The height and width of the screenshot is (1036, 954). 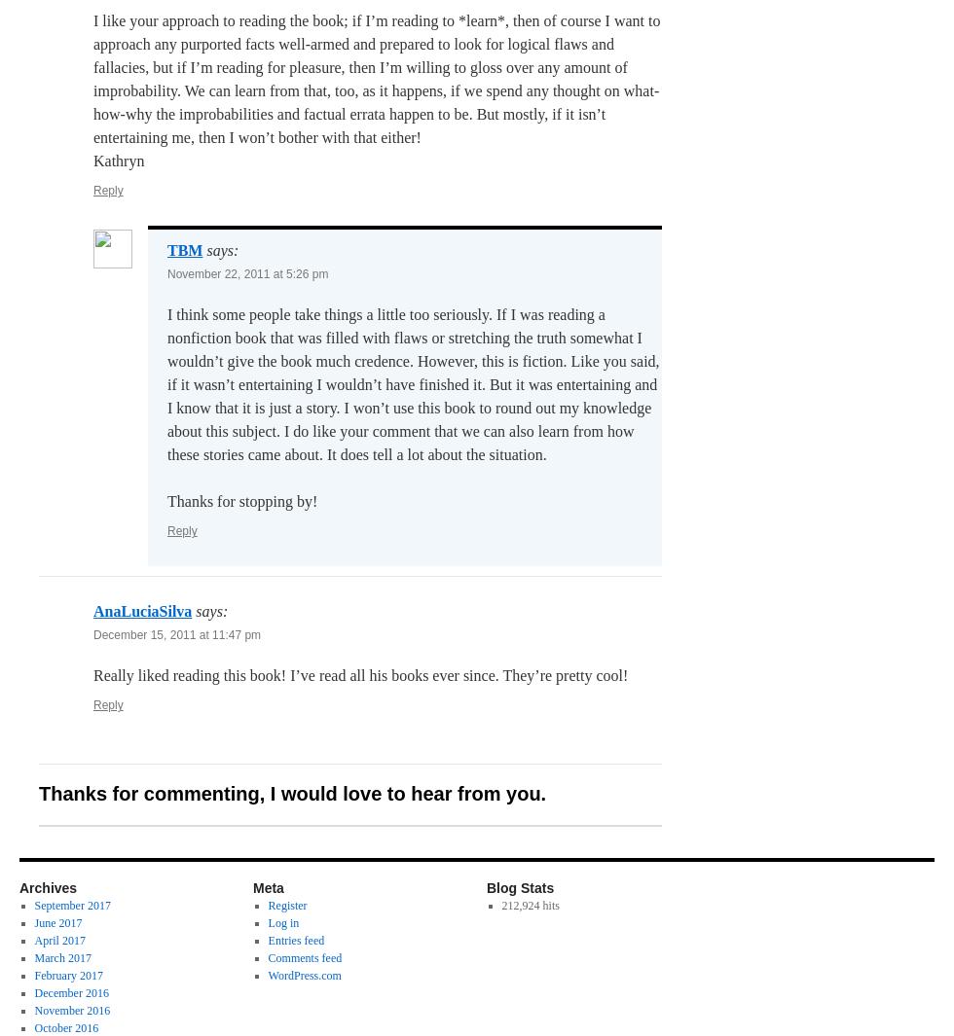 What do you see at coordinates (119, 160) in the screenshot?
I see `'Kathryn'` at bounding box center [119, 160].